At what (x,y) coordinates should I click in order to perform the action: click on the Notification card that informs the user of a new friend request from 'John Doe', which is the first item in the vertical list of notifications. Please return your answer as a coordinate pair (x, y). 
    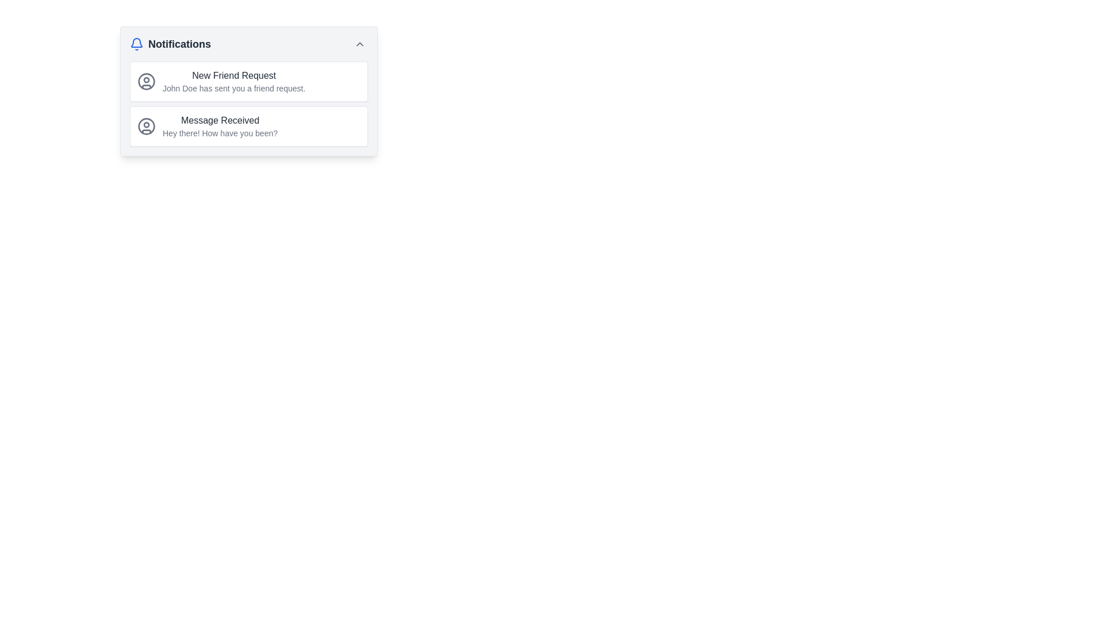
    Looking at the image, I should click on (248, 81).